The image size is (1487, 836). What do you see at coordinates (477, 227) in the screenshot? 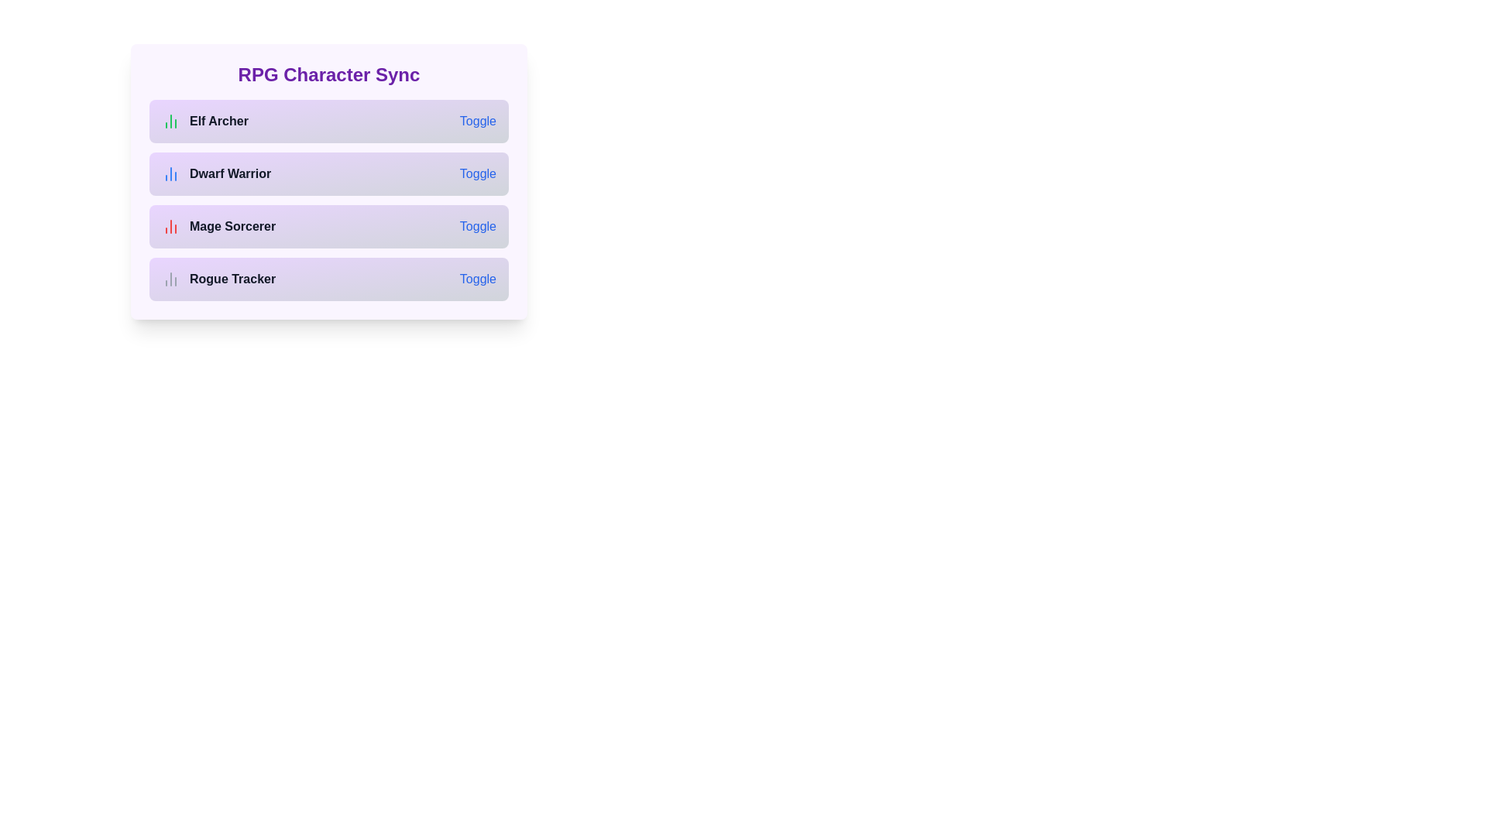
I see `the button located at the far right side, following the text label 'Mage Sorcerer'` at bounding box center [477, 227].